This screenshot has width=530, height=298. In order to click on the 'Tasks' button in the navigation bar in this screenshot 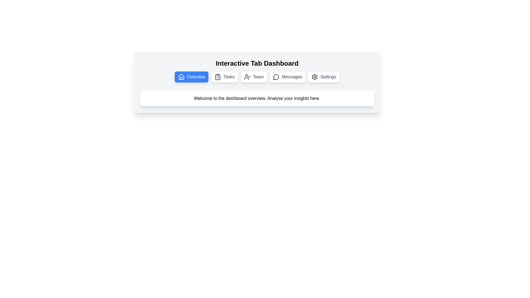, I will do `click(224, 77)`.